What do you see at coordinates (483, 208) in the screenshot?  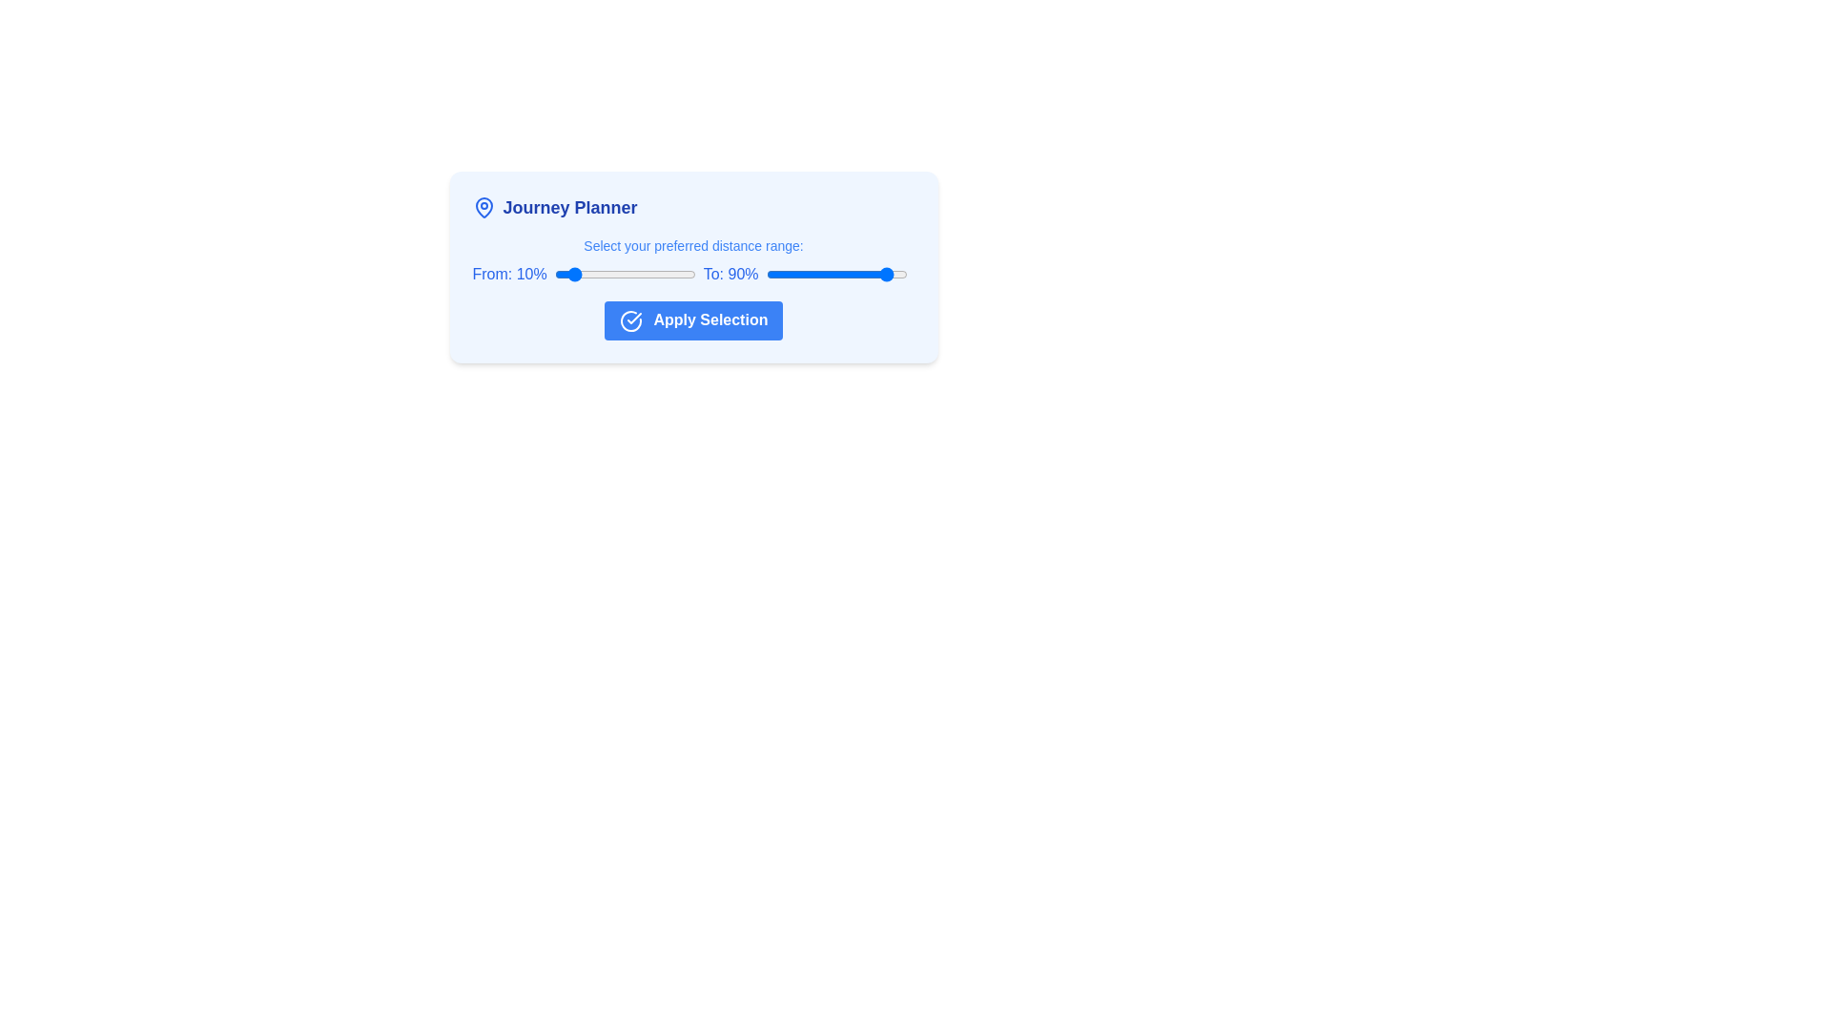 I see `the location icon in the 'Journey Planner' section, which is positioned to the left of the title text 'Journey Planner'` at bounding box center [483, 208].